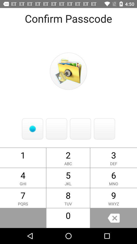 Image resolution: width=137 pixels, height=244 pixels. What do you see at coordinates (113, 218) in the screenshot?
I see `delete` at bounding box center [113, 218].